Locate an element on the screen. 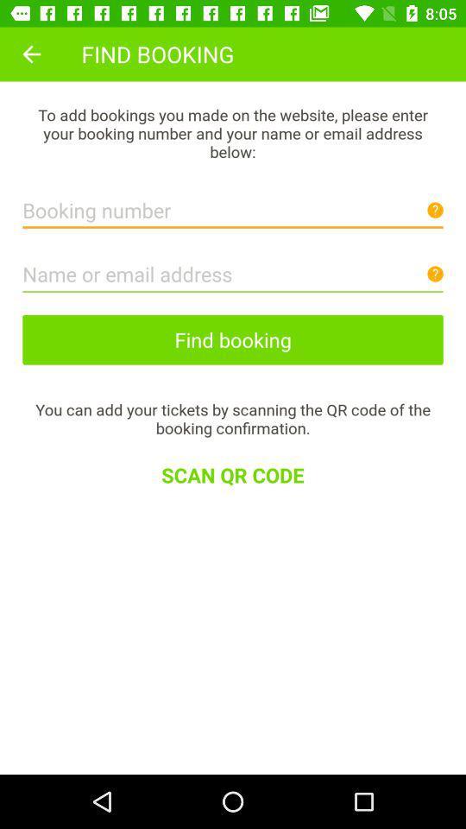  the item above to add bookings item is located at coordinates (31, 54).